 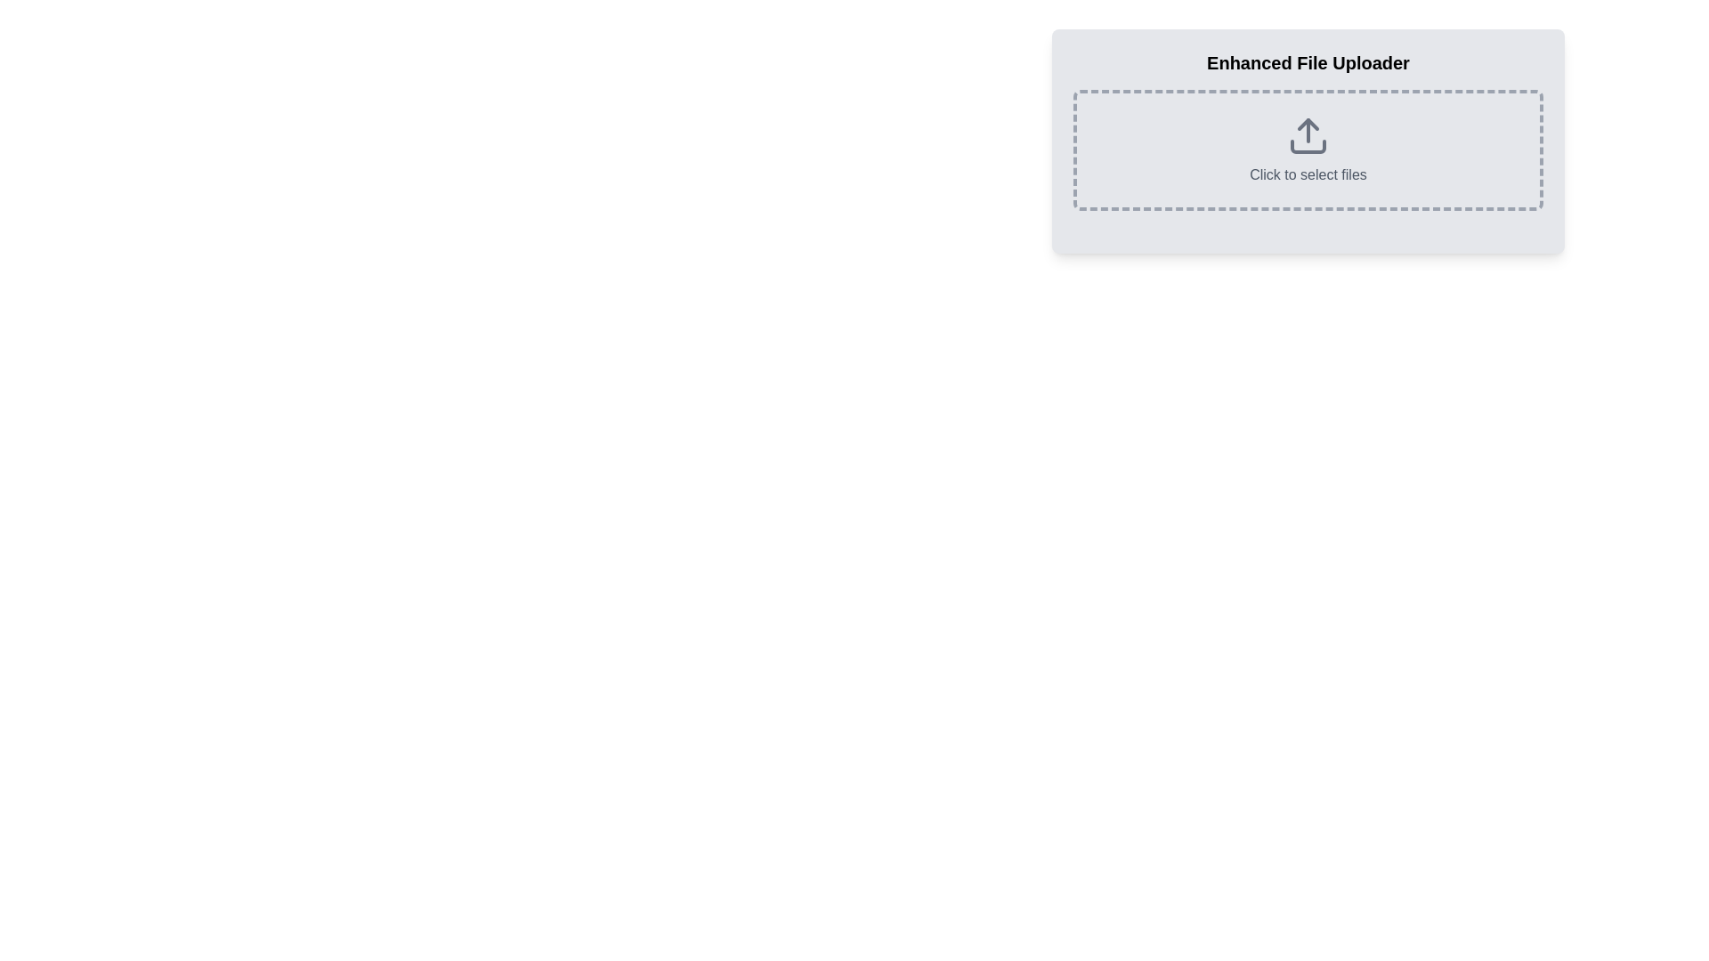 I want to click on the 'Enhanced File Uploader' component, which is a light gray rectangular area with rounded corners, so click(x=1308, y=140).